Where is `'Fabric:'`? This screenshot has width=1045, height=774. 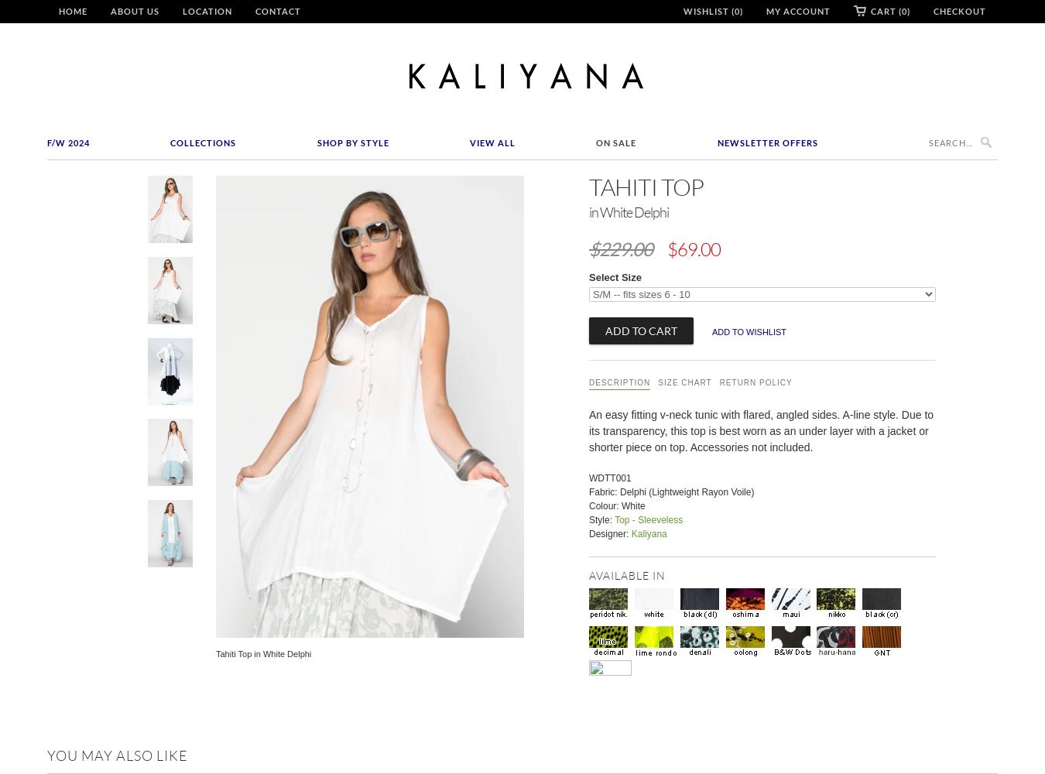 'Fabric:' is located at coordinates (603, 491).